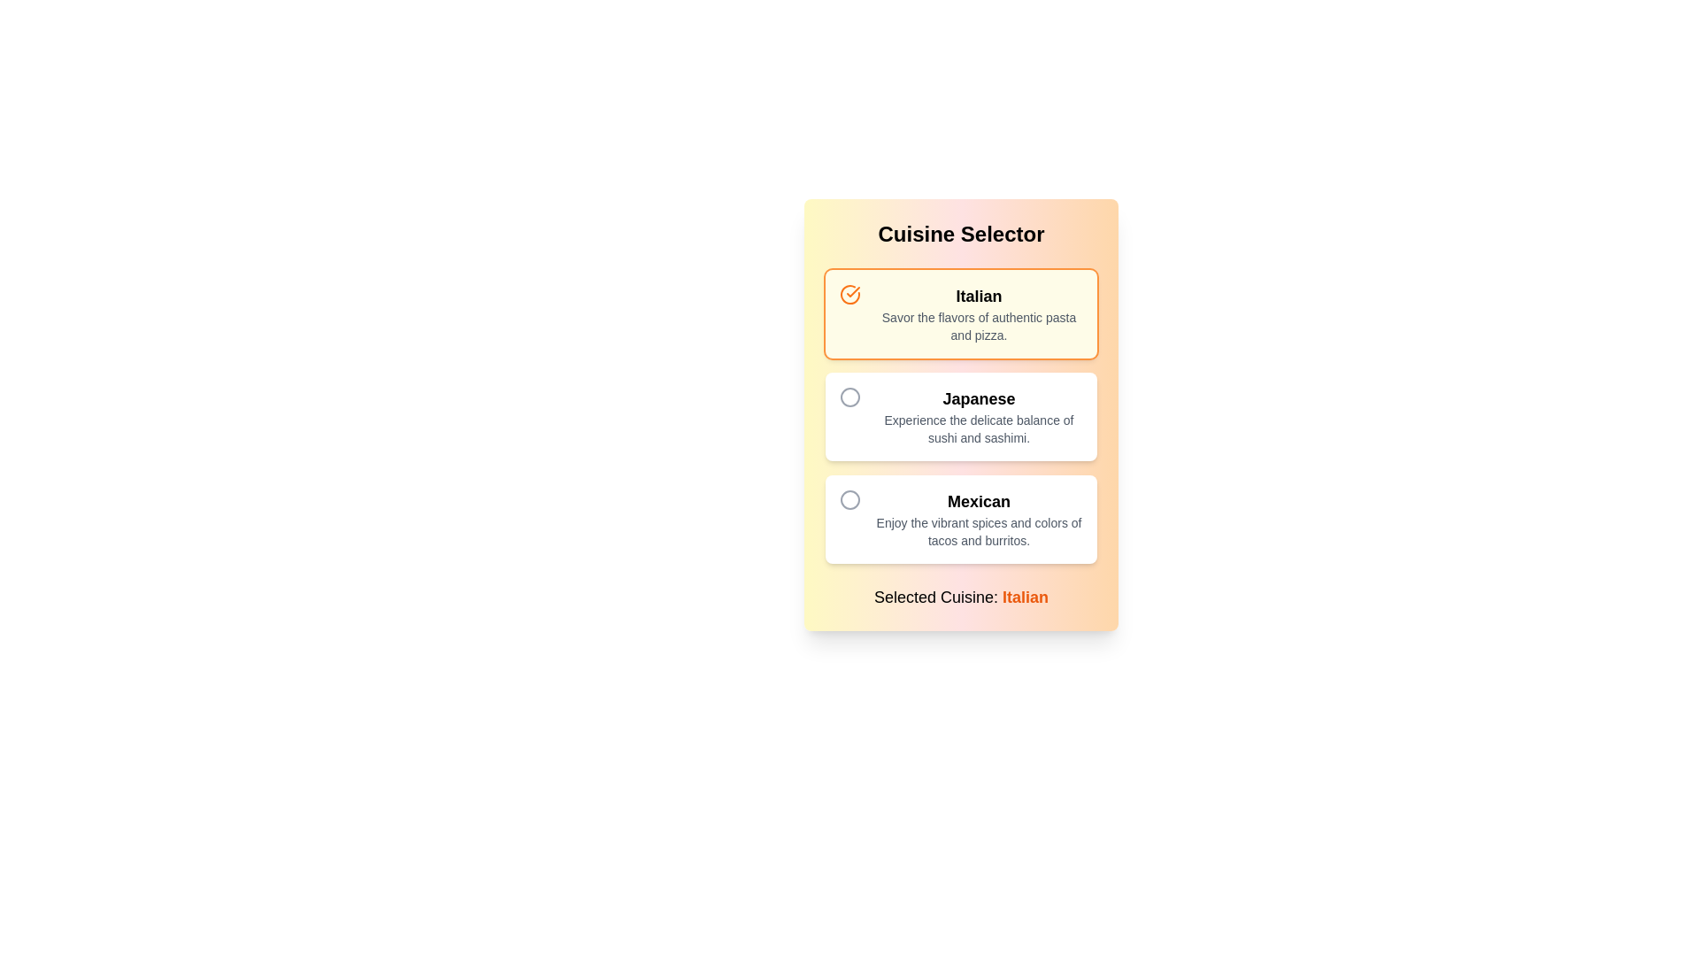 The image size is (1699, 956). I want to click on the text label that displays 'Selected Cuisine: Italian', which is styled with 'Italian' in bold orange font, indicating the selected cuisine below the cuisine selection boxes, so click(960, 597).